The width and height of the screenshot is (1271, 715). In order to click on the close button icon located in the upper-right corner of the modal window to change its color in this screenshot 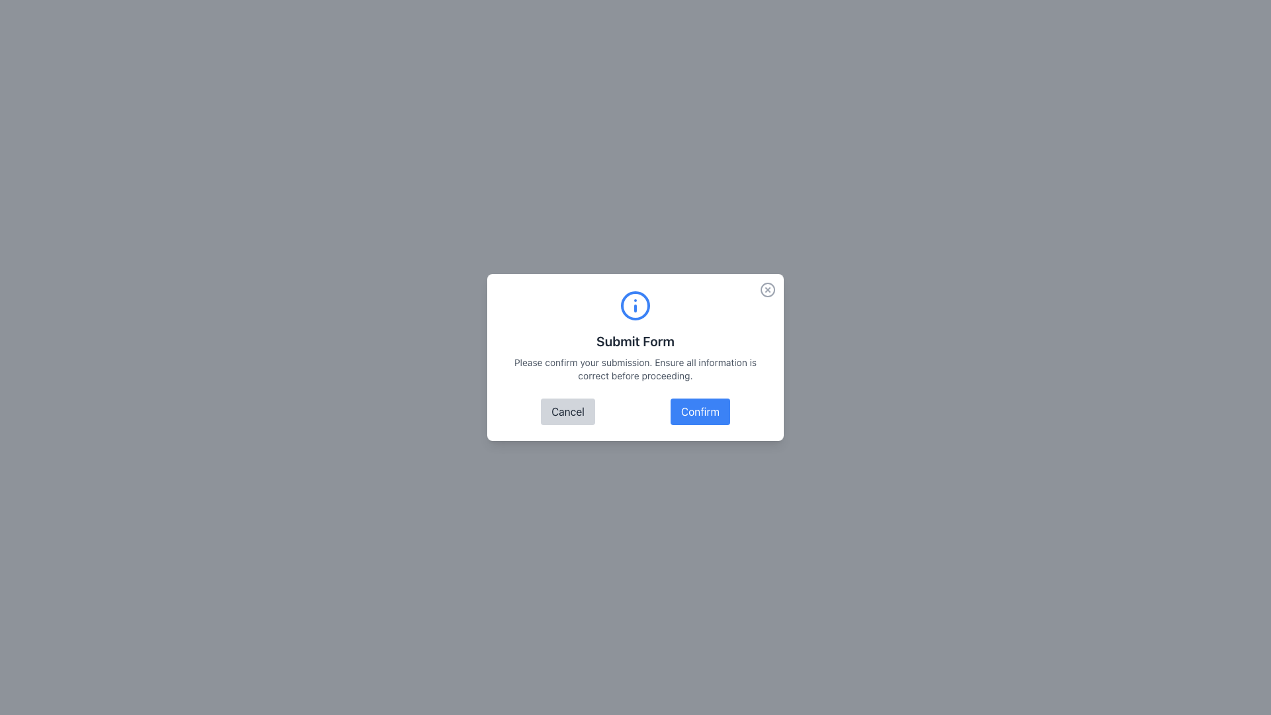, I will do `click(768, 289)`.